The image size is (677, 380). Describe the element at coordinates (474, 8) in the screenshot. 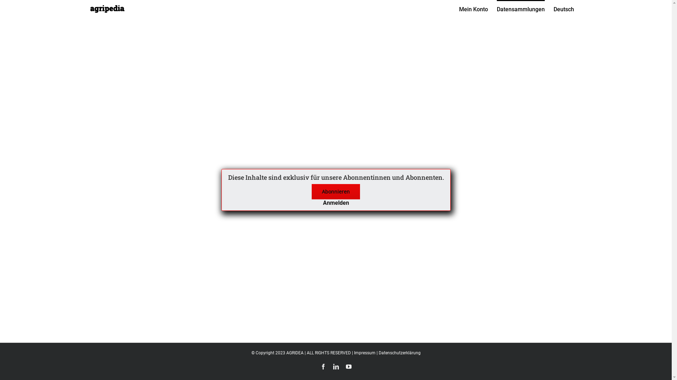

I see `'Mein Konto'` at that location.